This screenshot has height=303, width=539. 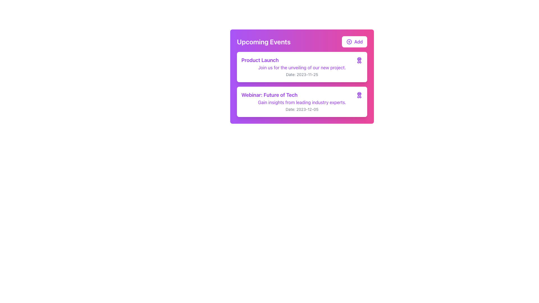 What do you see at coordinates (302, 67) in the screenshot?
I see `the first Static informational card titled 'Product Launch' in the 'Upcoming Events' section, which features a white background, purple text, and a ribbon icon on the right` at bounding box center [302, 67].